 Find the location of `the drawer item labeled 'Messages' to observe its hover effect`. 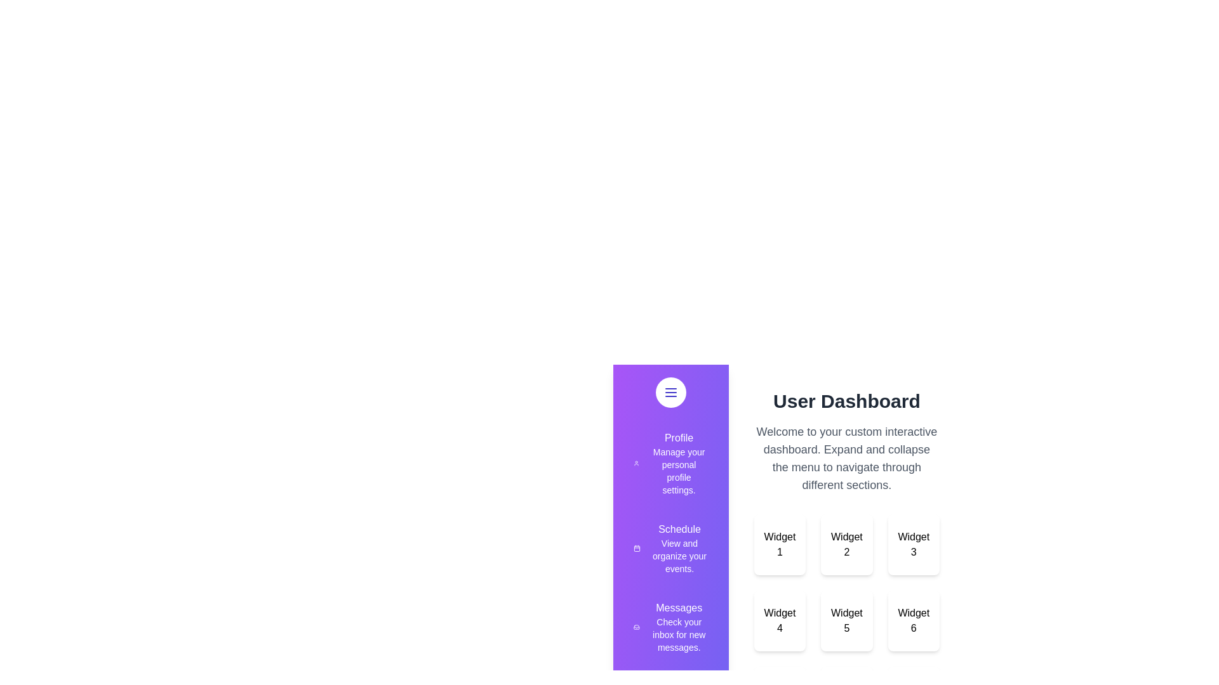

the drawer item labeled 'Messages' to observe its hover effect is located at coordinates (670, 626).